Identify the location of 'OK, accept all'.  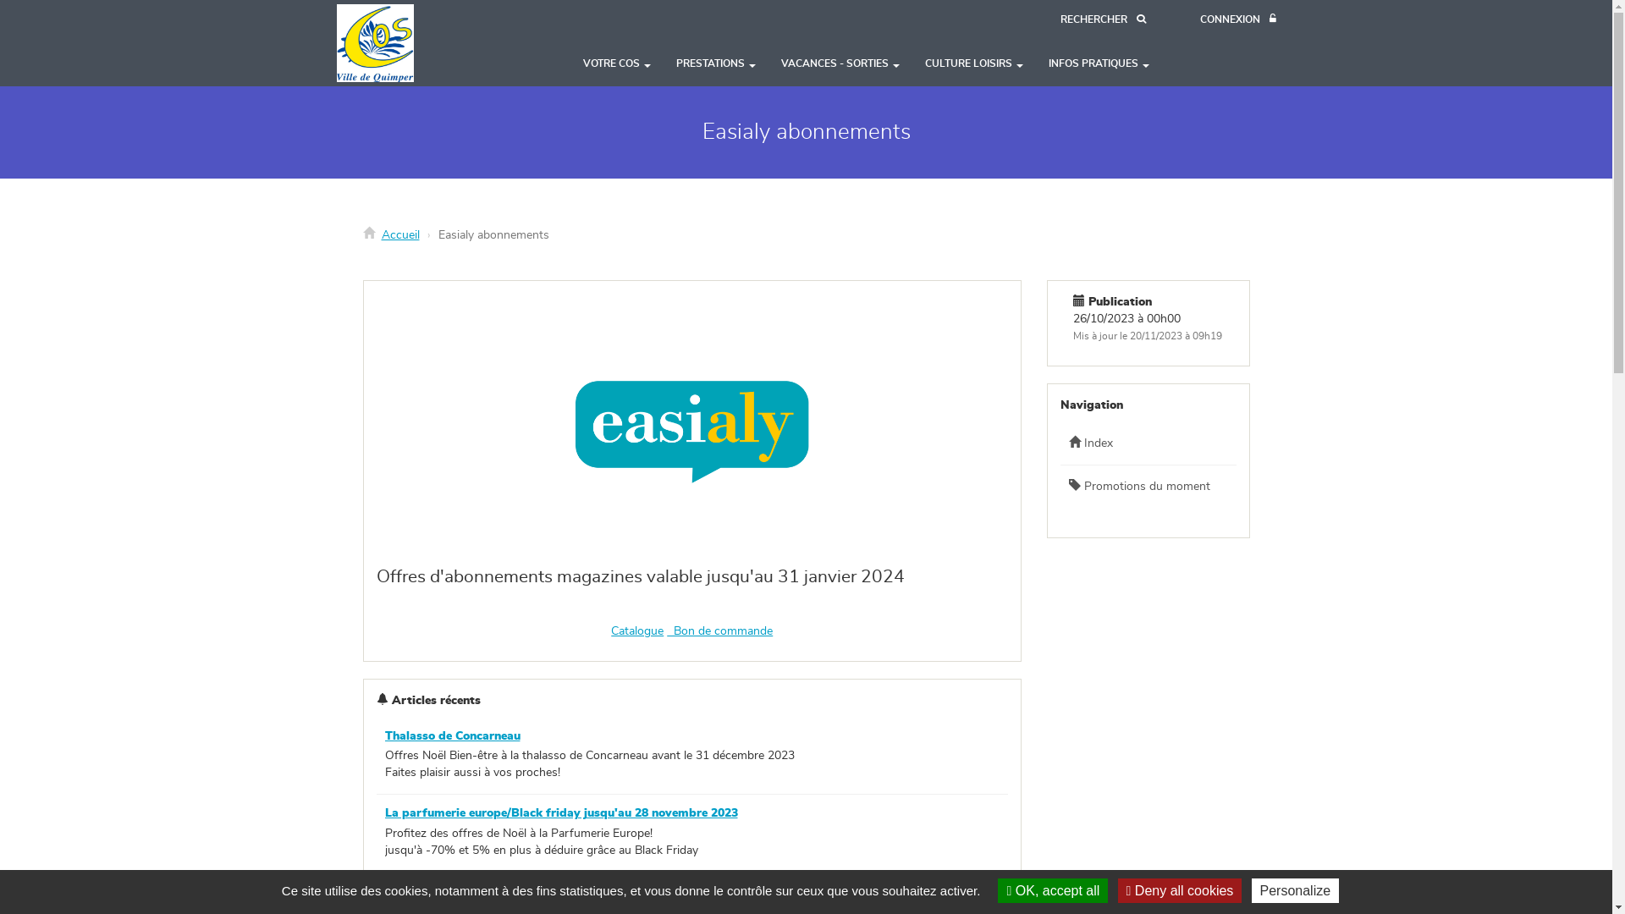
(1051, 889).